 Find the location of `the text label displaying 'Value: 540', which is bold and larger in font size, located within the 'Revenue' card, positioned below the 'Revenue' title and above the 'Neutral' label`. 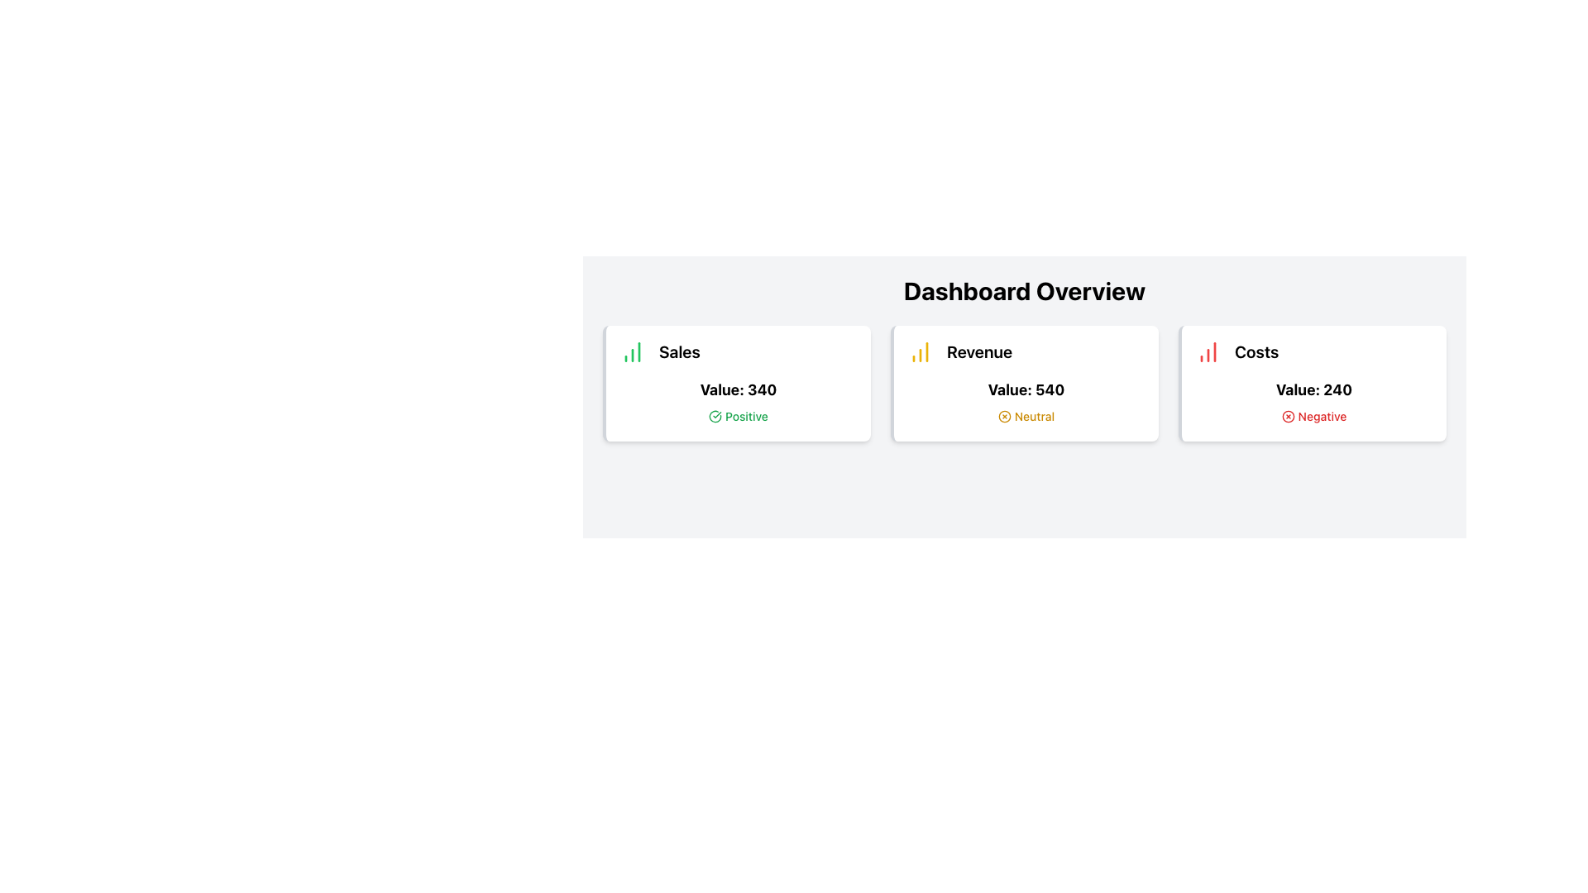

the text label displaying 'Value: 540', which is bold and larger in font size, located within the 'Revenue' card, positioned below the 'Revenue' title and above the 'Neutral' label is located at coordinates (1026, 389).